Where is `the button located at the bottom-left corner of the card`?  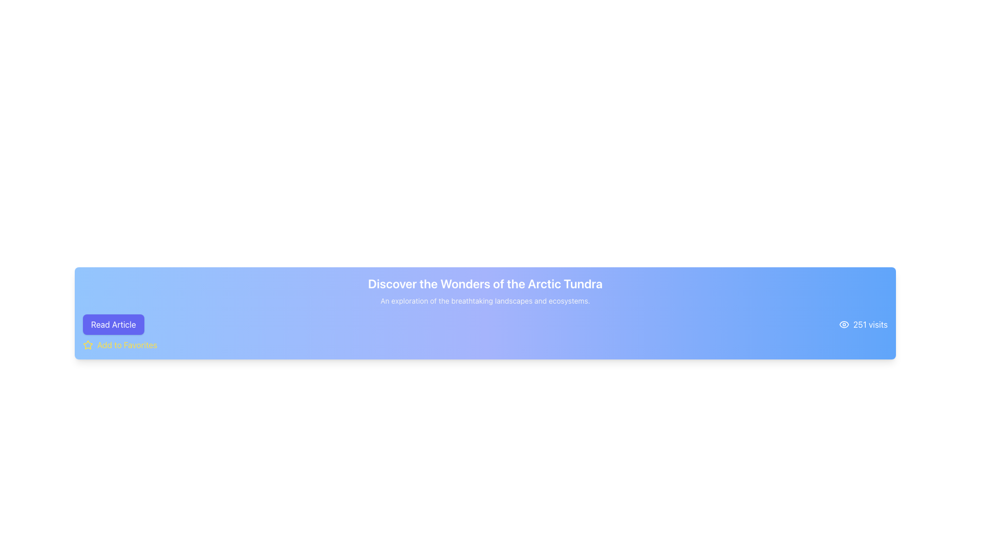 the button located at the bottom-left corner of the card is located at coordinates (120, 345).